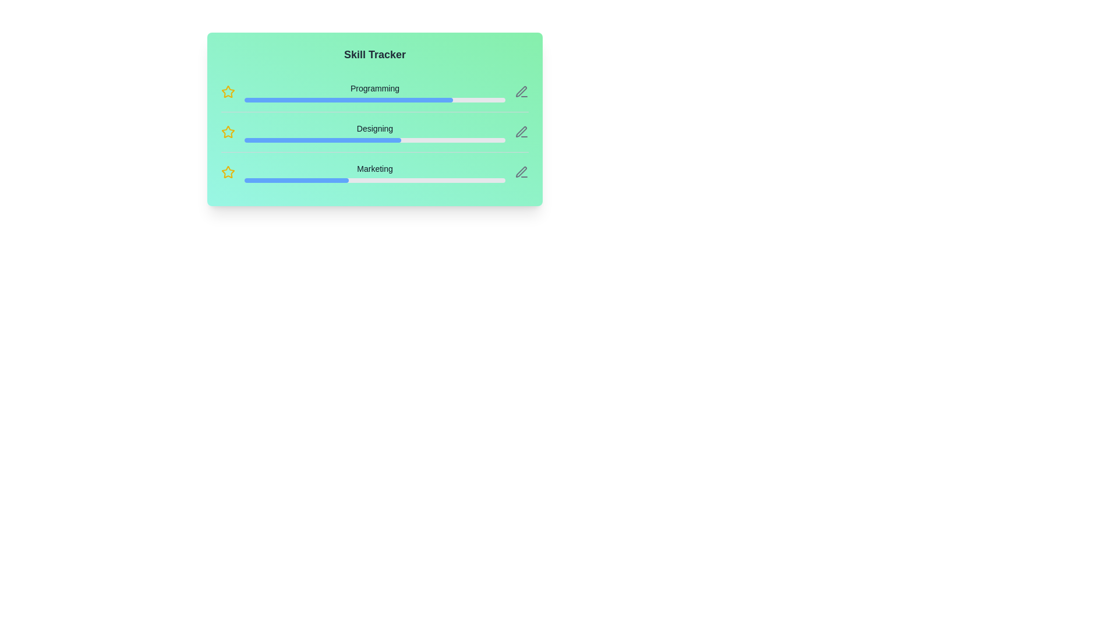 This screenshot has height=629, width=1118. I want to click on the edit icon next to the skill Programming, so click(521, 91).